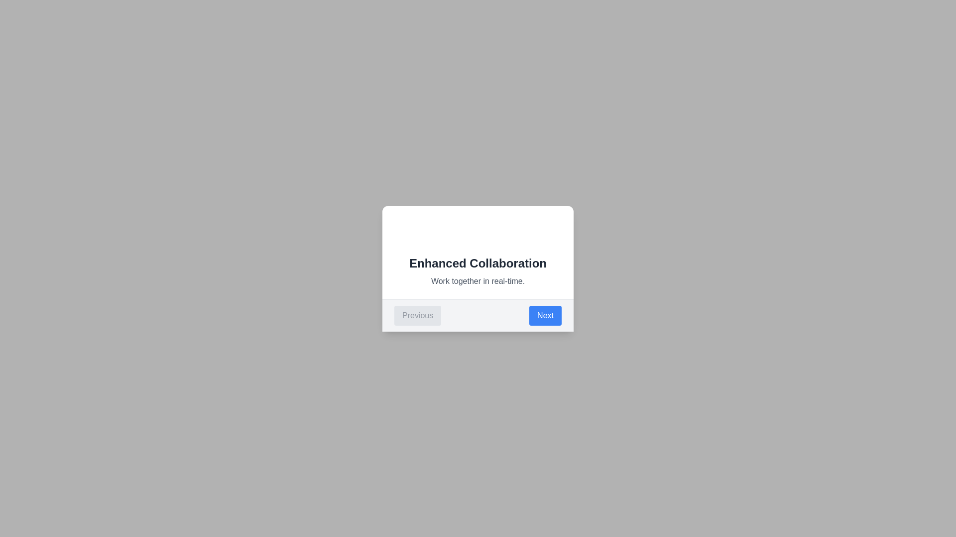 This screenshot has height=537, width=956. What do you see at coordinates (418, 315) in the screenshot?
I see `the 'Previous' button, which is a rounded rectangular button with a light gray background and gray text, located at the bottom left of the dialog box` at bounding box center [418, 315].